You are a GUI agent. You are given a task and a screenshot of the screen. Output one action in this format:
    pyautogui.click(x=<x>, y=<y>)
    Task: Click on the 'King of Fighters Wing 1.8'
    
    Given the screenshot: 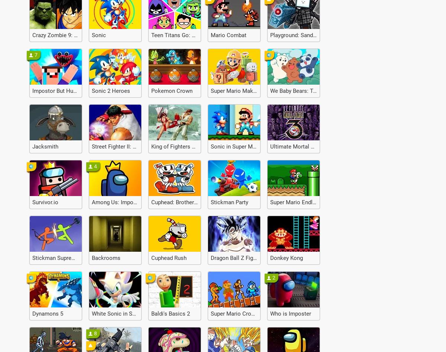 What is the action you would take?
    pyautogui.click(x=181, y=146)
    